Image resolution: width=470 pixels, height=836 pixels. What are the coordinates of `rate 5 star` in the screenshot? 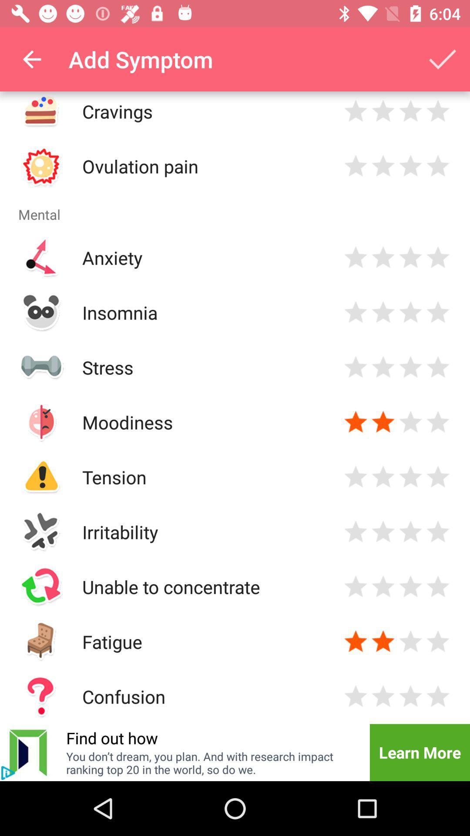 It's located at (438, 476).